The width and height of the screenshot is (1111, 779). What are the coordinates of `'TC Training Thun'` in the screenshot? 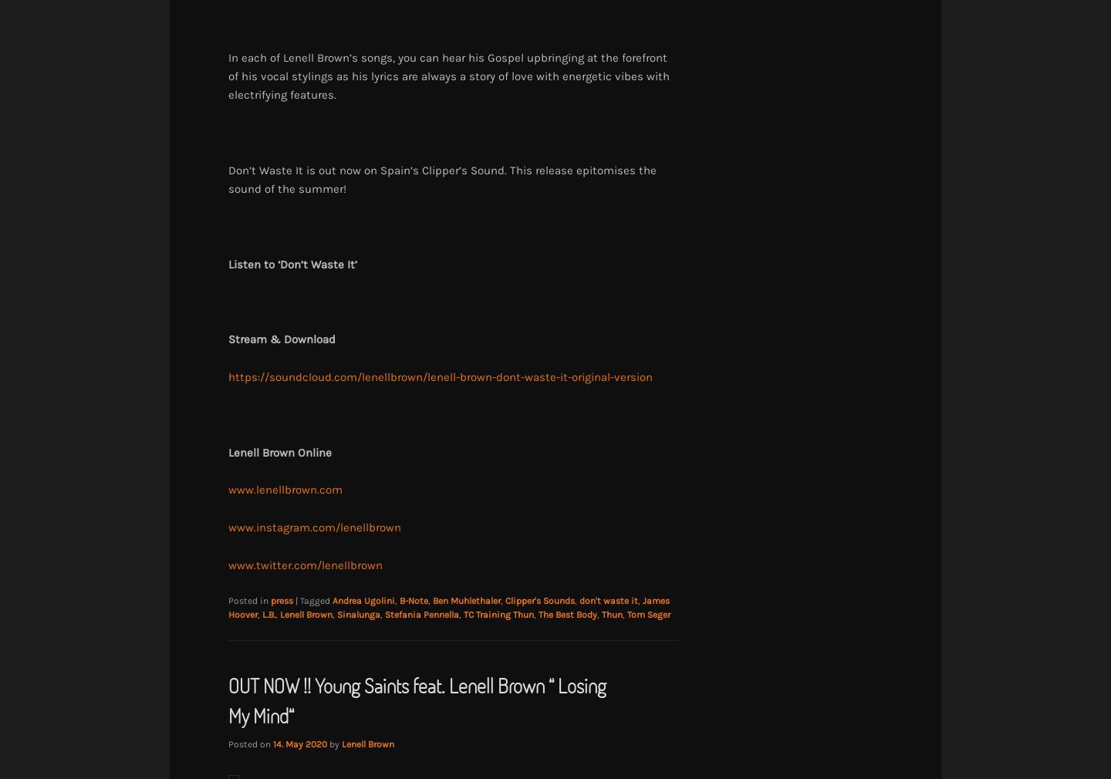 It's located at (463, 613).